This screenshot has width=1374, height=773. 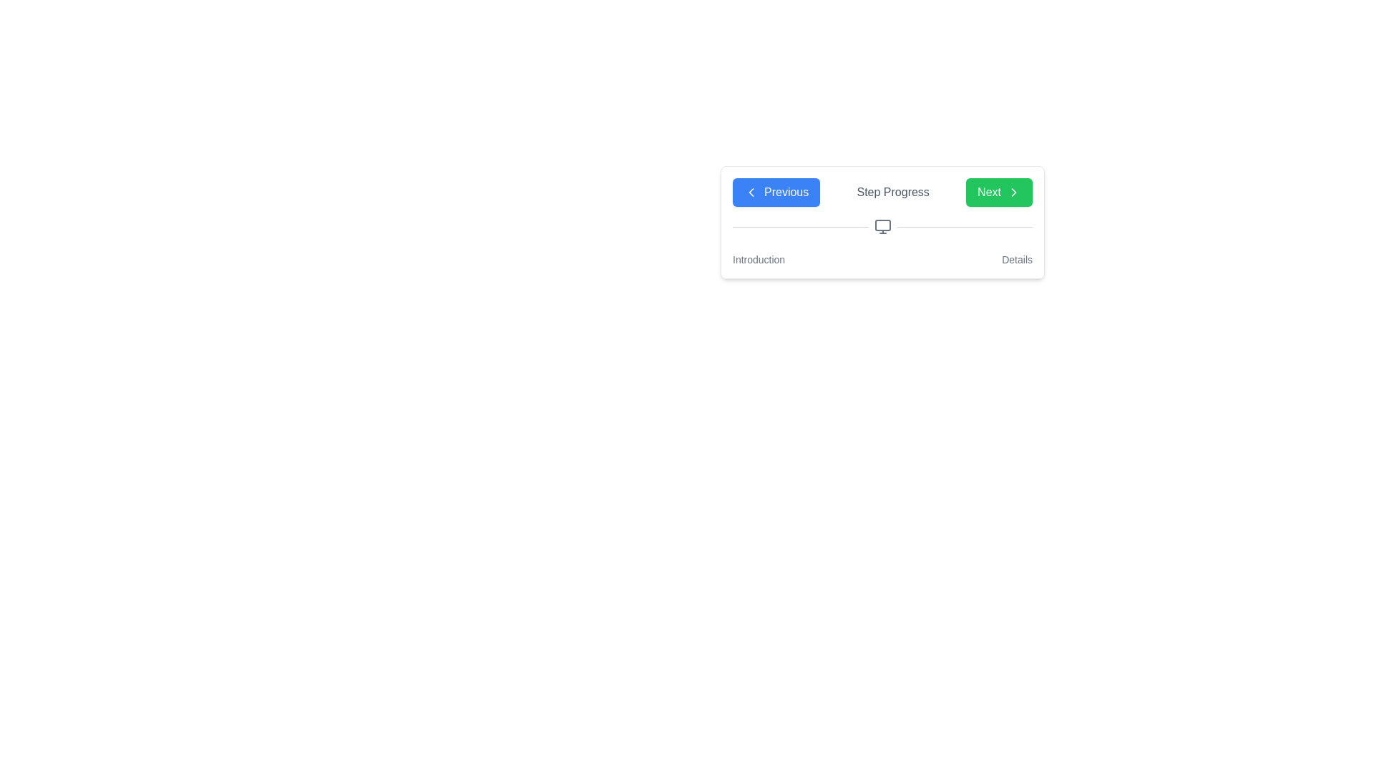 What do you see at coordinates (786, 192) in the screenshot?
I see `the text label displaying 'Previous', which is styled with a white font within a blue rectangular button on the left side of the navigation component` at bounding box center [786, 192].